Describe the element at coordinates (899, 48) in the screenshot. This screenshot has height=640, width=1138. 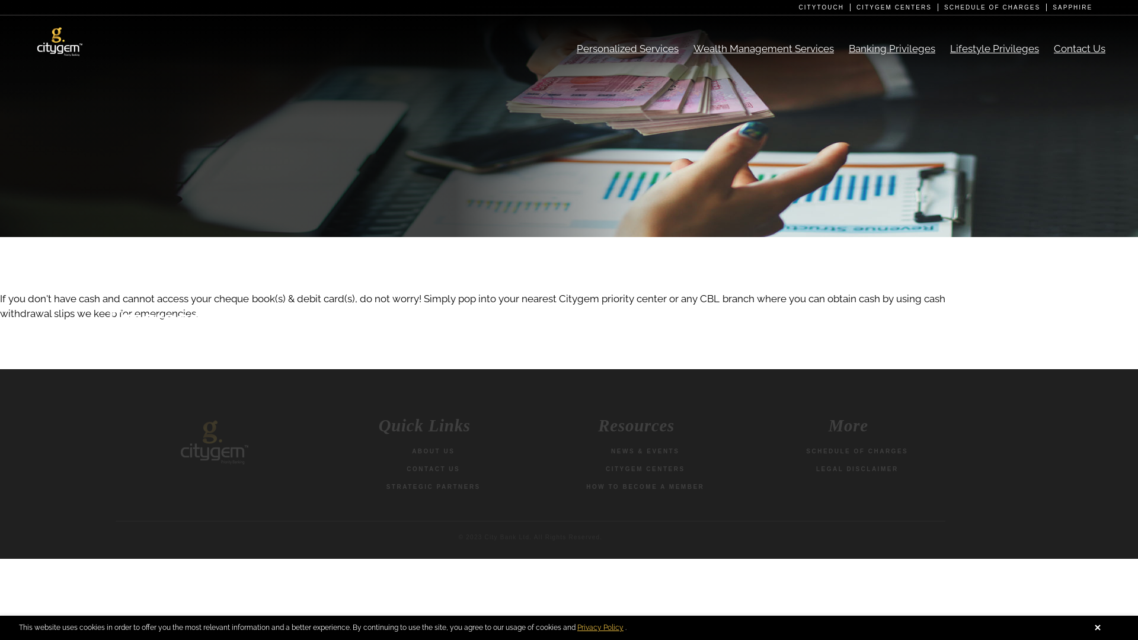
I see `'Banking Privileges'` at that location.